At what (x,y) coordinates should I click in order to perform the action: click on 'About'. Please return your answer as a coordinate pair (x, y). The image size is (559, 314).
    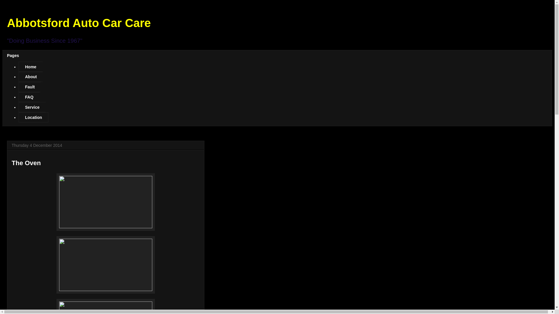
    Looking at the image, I should click on (30, 76).